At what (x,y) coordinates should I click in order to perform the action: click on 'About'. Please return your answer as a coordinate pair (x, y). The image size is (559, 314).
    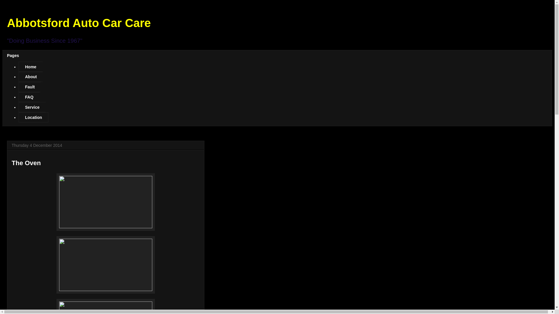
    Looking at the image, I should click on (30, 76).